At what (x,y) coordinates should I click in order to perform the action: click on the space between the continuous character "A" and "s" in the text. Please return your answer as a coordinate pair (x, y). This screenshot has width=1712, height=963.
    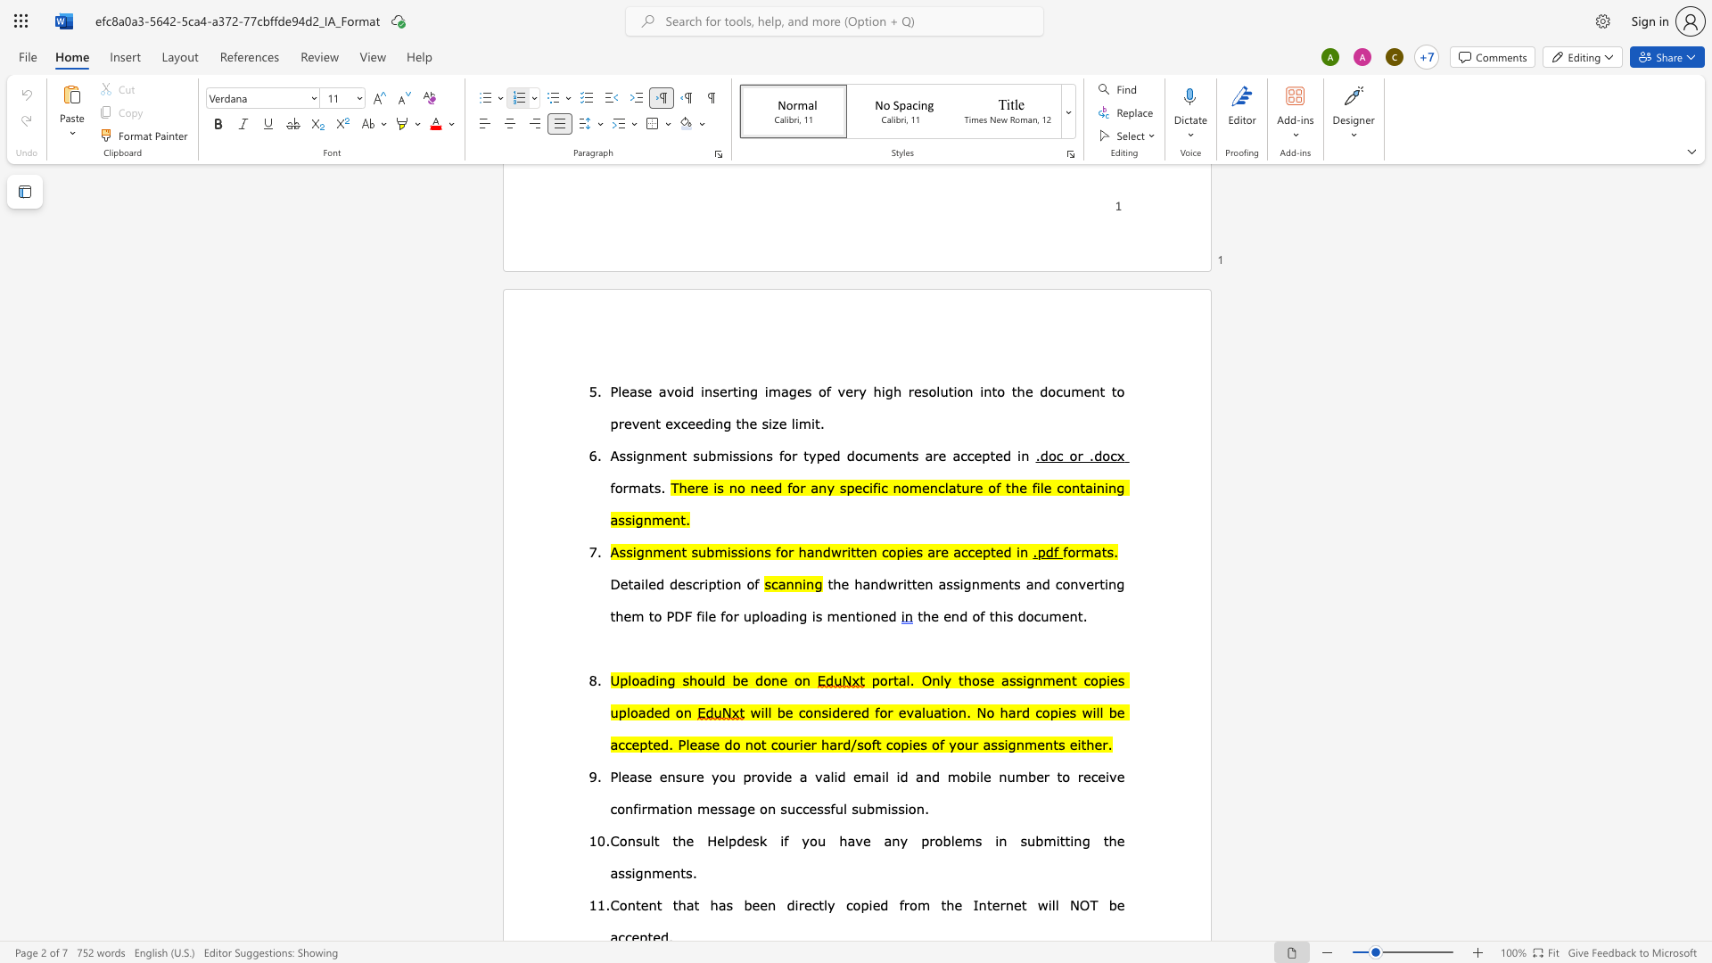
    Looking at the image, I should click on (618, 550).